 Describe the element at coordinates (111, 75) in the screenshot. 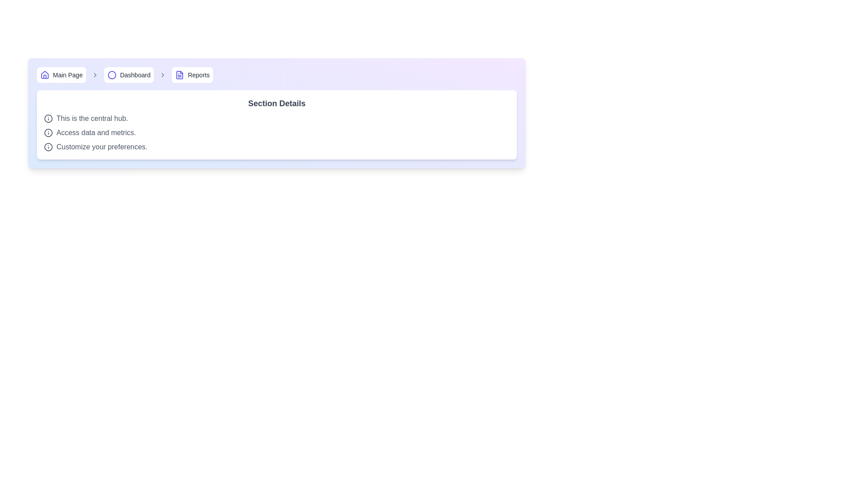

I see `the SVG circle graphic icon associated with the 'Dashboard' navigation item in the breadcrumb structure` at that location.